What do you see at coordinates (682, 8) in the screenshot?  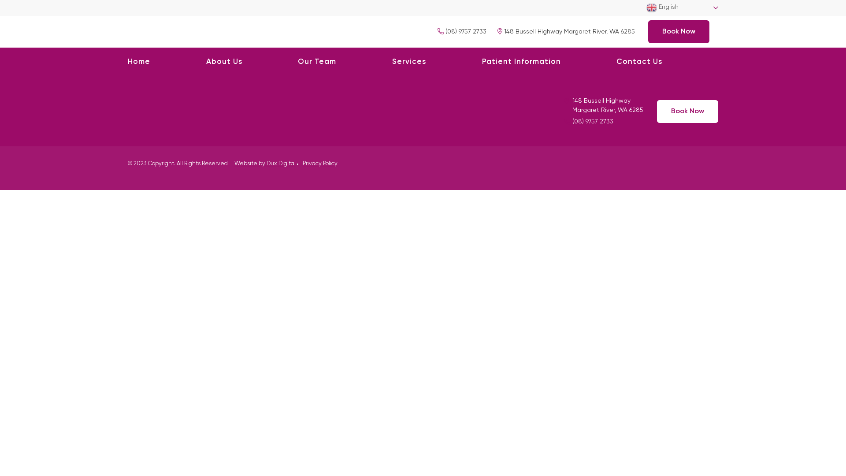 I see `'English'` at bounding box center [682, 8].